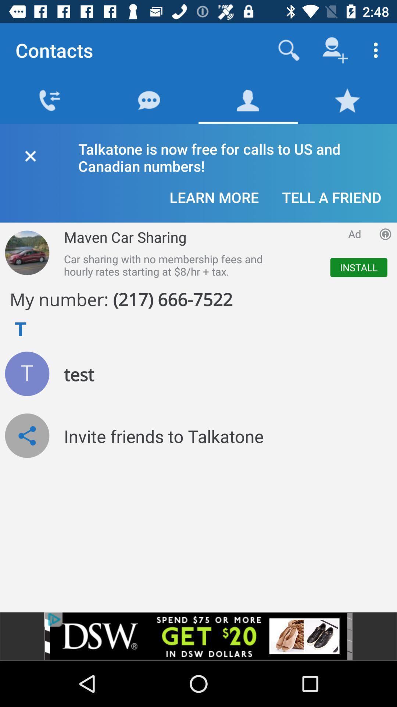  What do you see at coordinates (30, 154) in the screenshot?
I see `this` at bounding box center [30, 154].